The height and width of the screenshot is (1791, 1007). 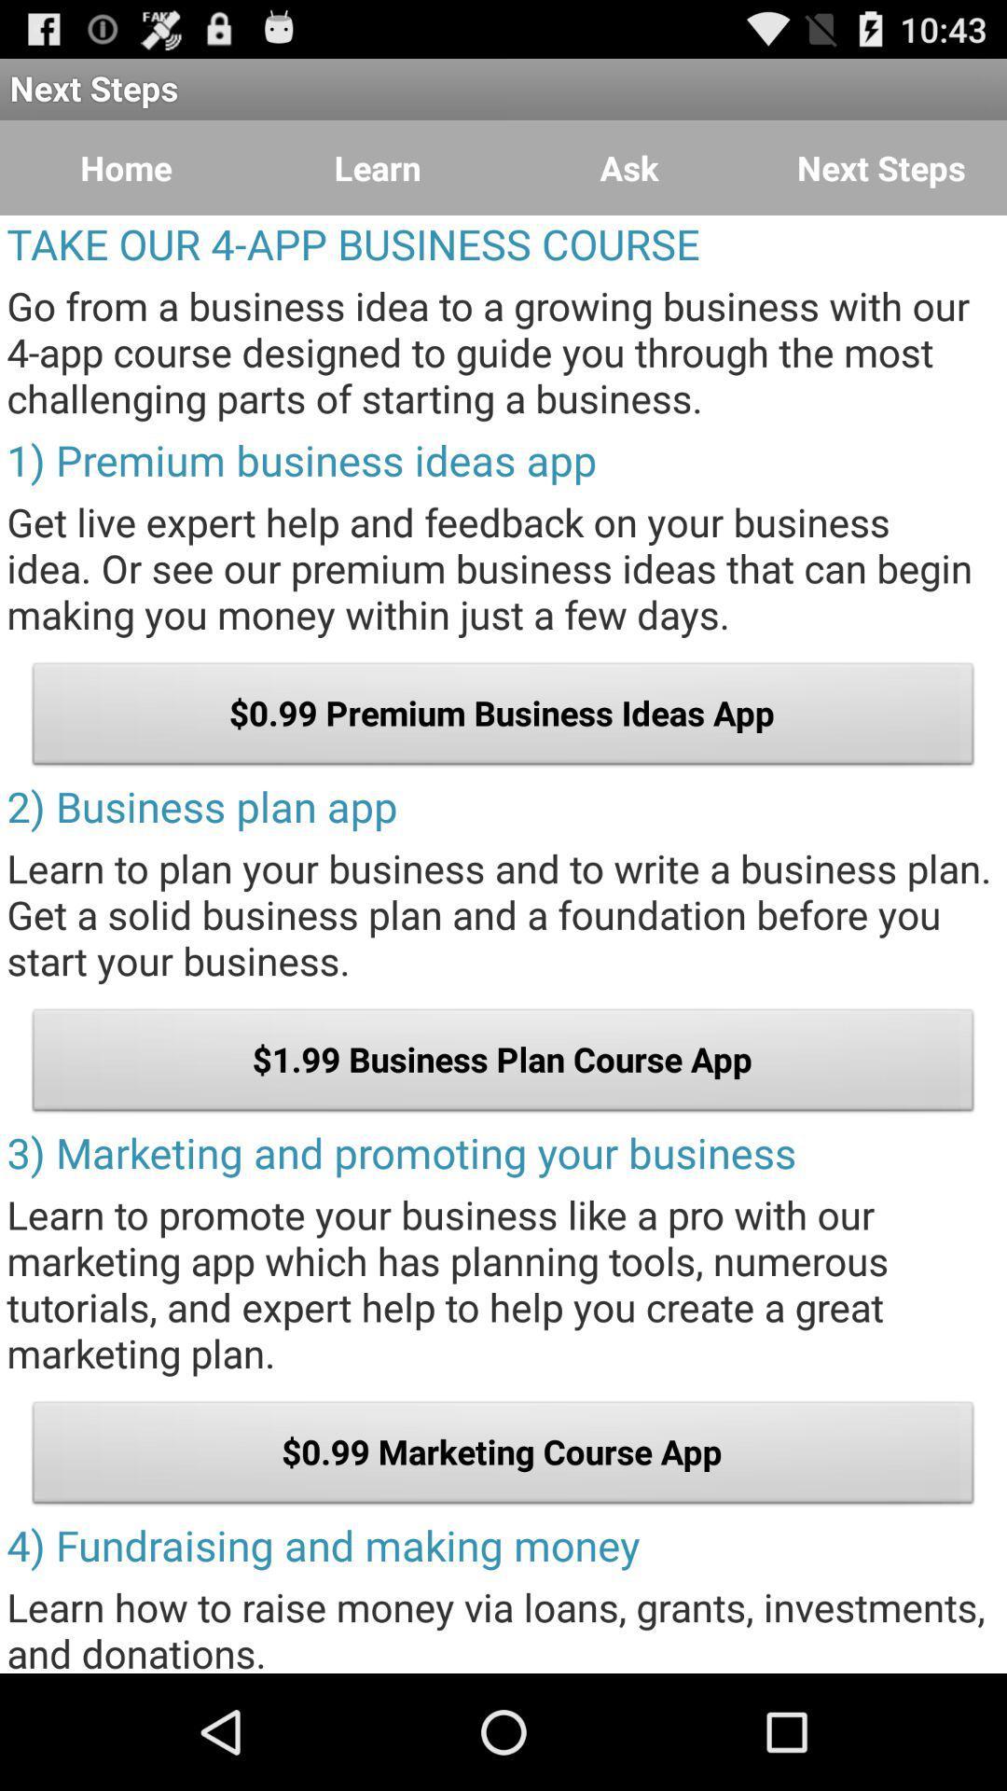 I want to click on the app below next steps icon, so click(x=629, y=168).